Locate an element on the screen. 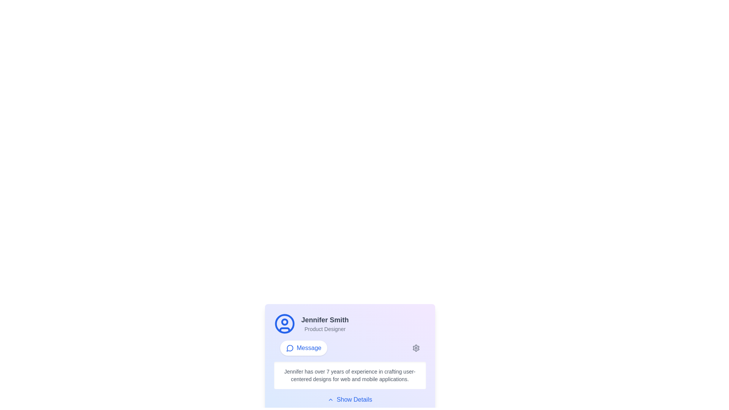 The image size is (729, 410). the static text providing background about 'Jennifer' and her expertise in user-centered design, located at the bottom of the card for 'Jennifer Smith, Product Designer' is located at coordinates (349, 375).